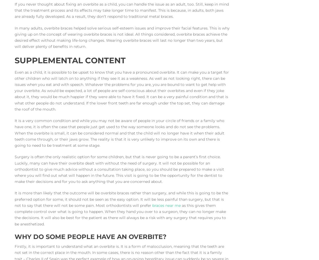 The image size is (319, 260). I want to click on 'braces near me', so click(152, 205).